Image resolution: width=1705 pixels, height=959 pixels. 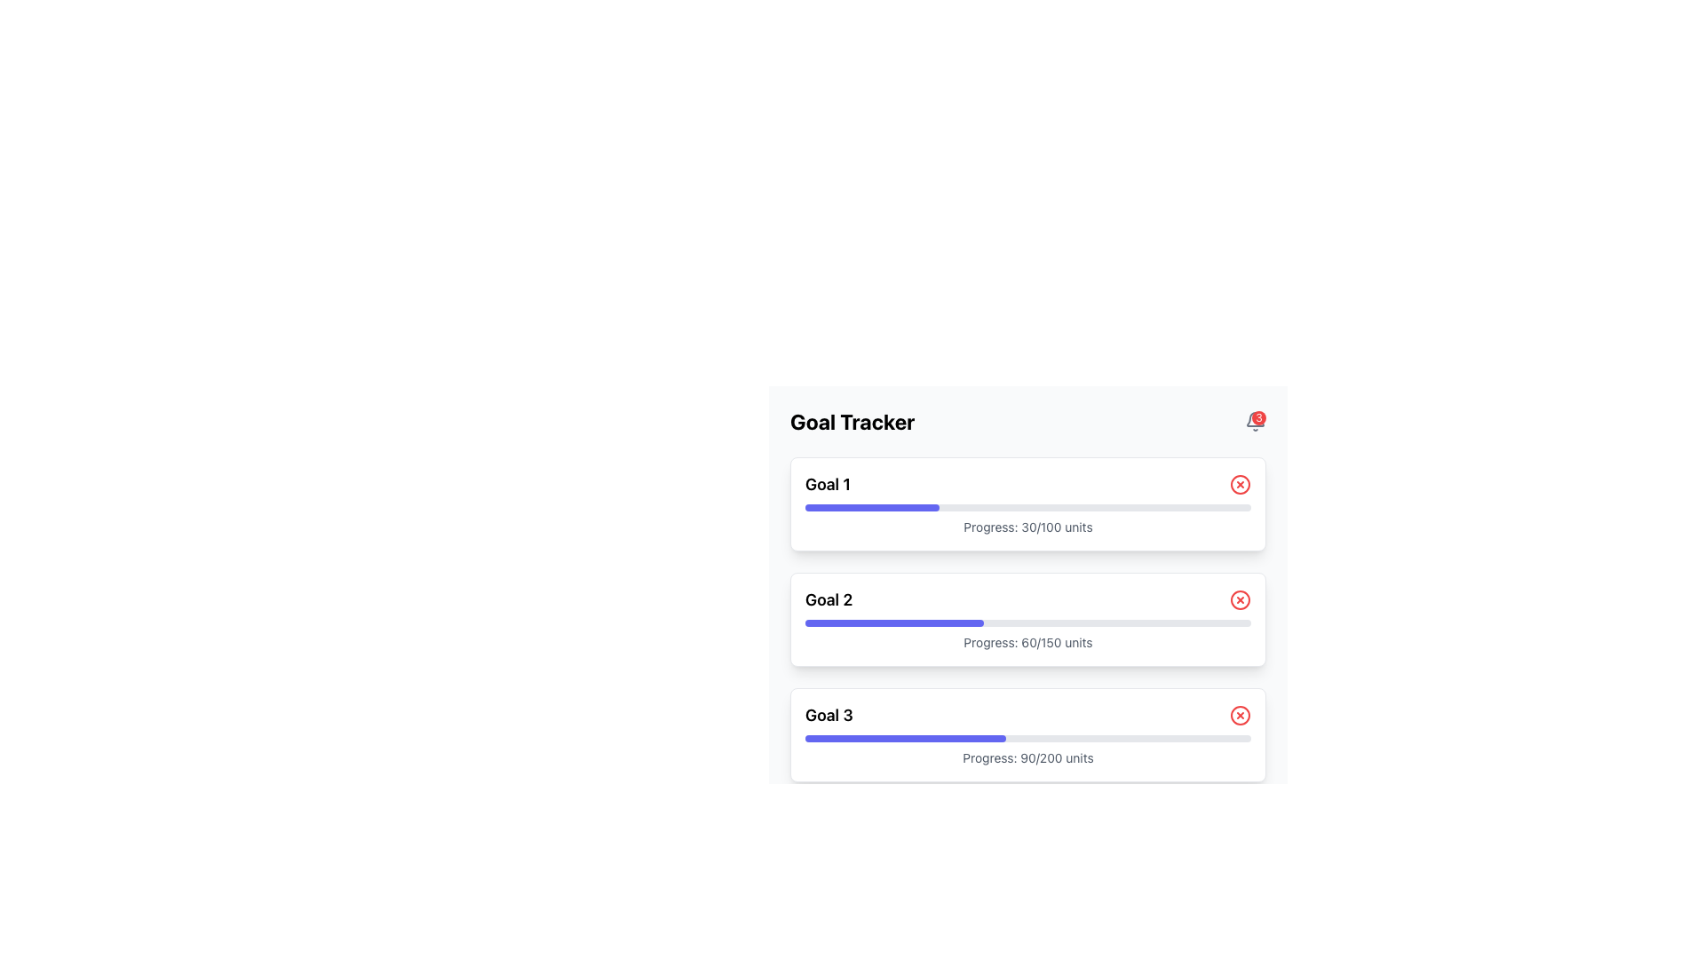 I want to click on the Progress Bar located within the card for 'Goal 3', which is positioned beneath the label 'Goal 3' and above the text 'Progress: 90/200 units', so click(x=1027, y=739).